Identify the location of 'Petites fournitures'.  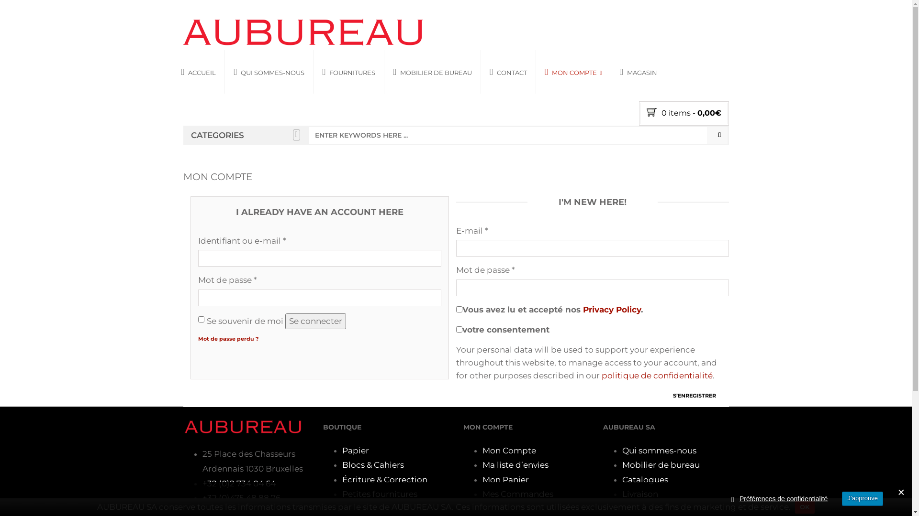
(379, 494).